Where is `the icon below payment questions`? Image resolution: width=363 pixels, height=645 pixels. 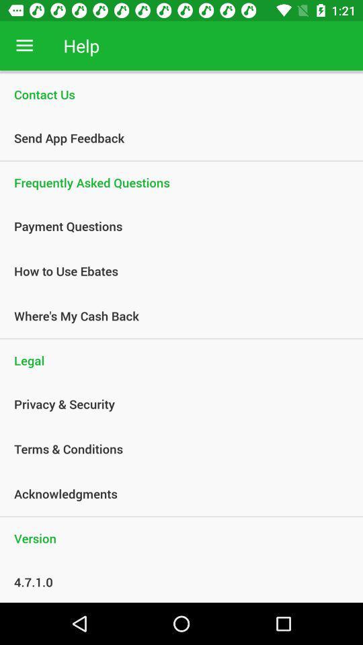
the icon below payment questions is located at coordinates (174, 270).